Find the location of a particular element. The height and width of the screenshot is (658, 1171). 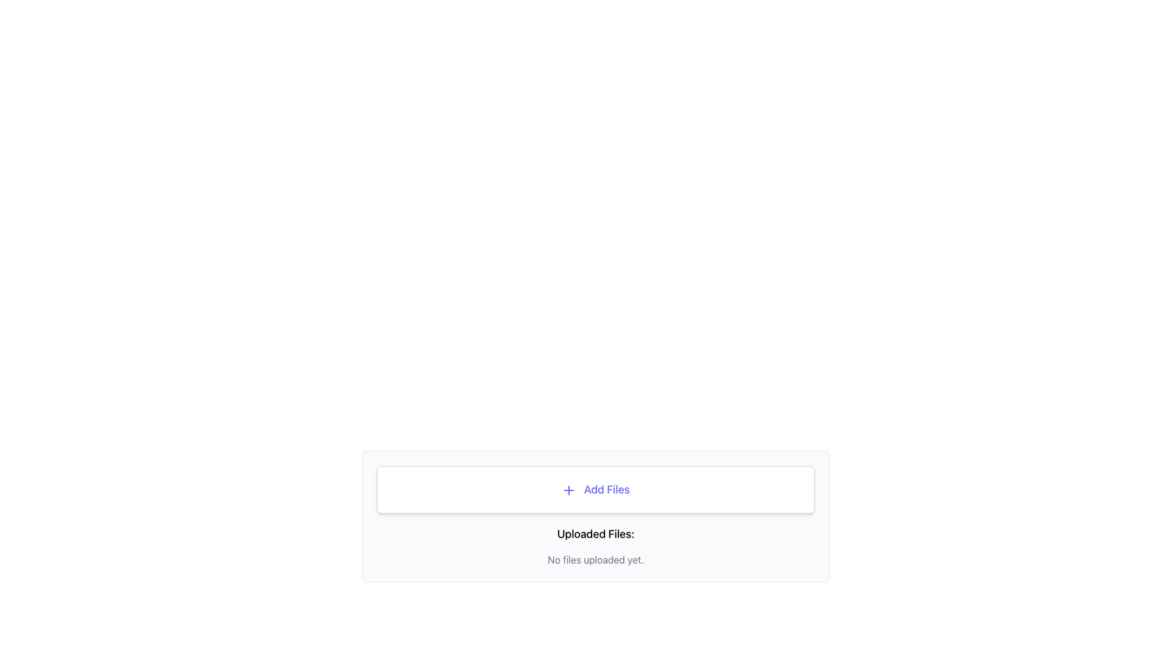

the Clickable text with an icon (Button-like behavior) used for file selection, located within a card above the 'Uploaded Files:' label is located at coordinates (595, 489).